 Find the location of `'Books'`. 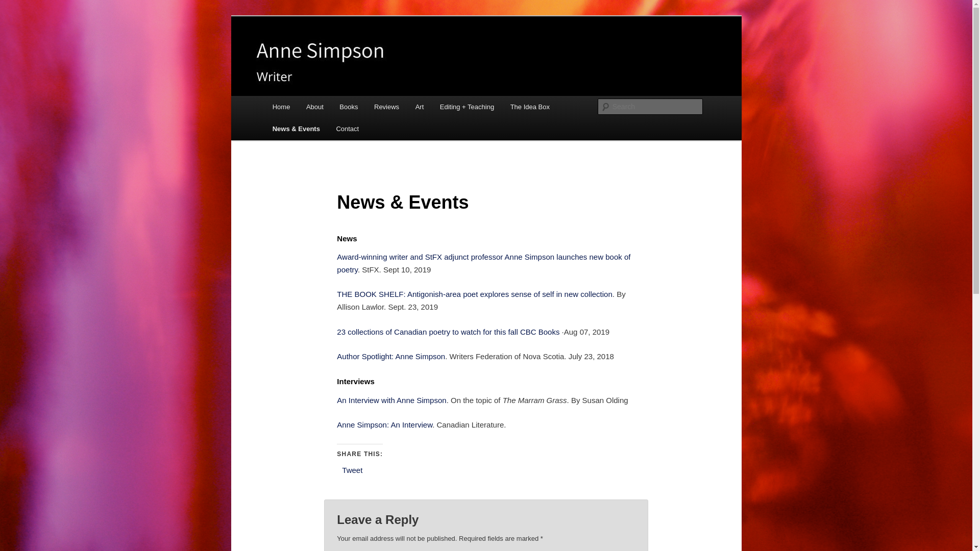

'Books' is located at coordinates (349, 107).